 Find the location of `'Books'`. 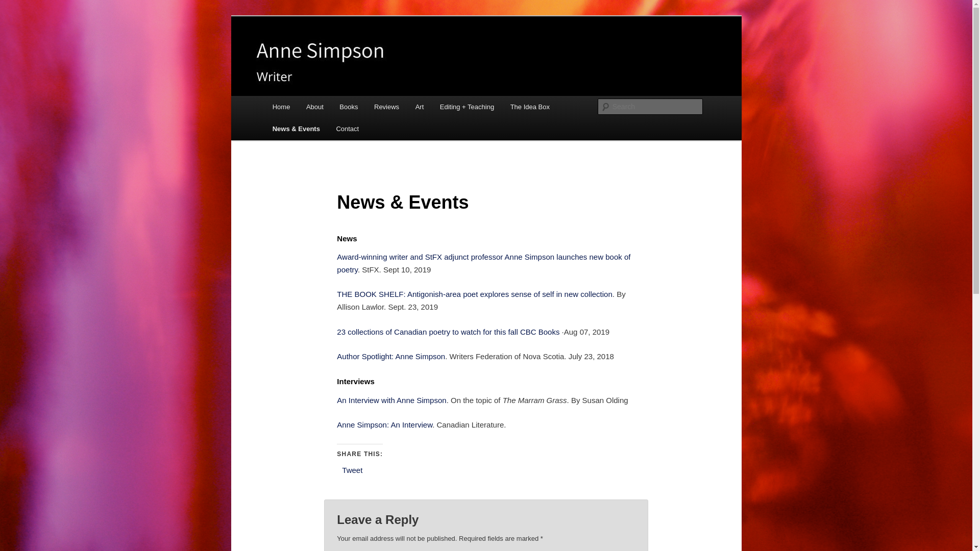

'Books' is located at coordinates (349, 107).